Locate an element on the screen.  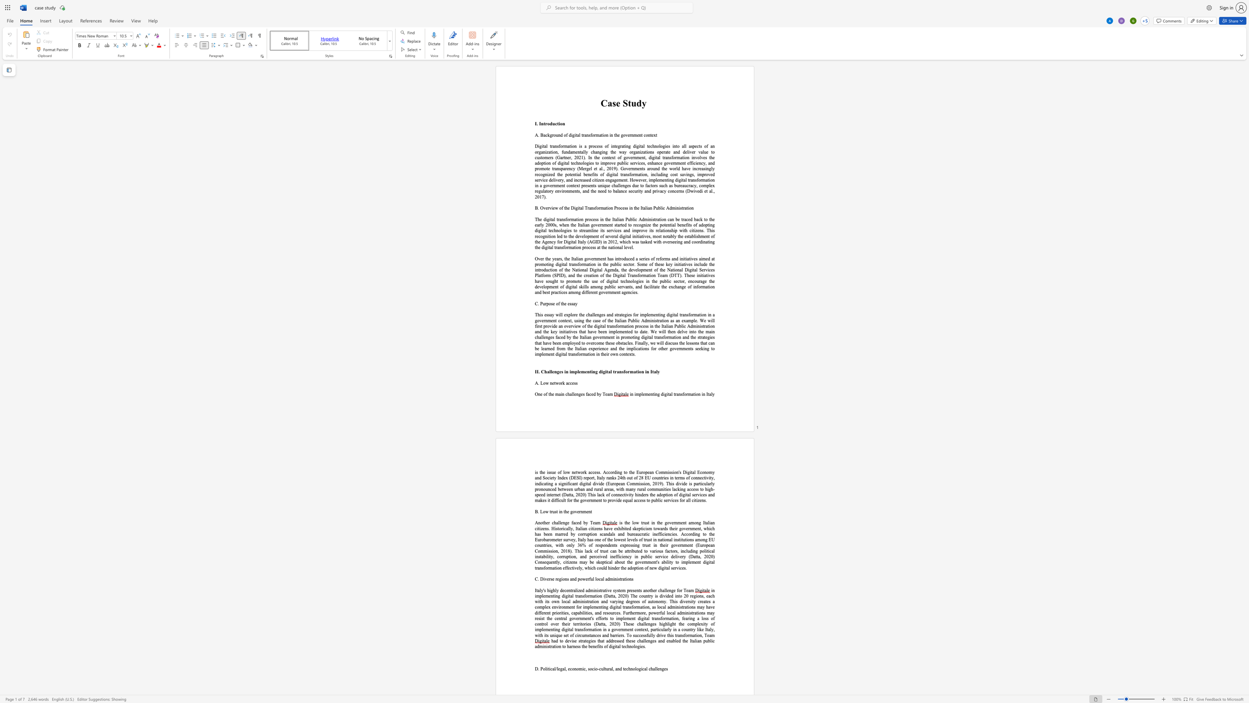
the space between the continuous character "a" and "r" in the text is located at coordinates (654, 550).